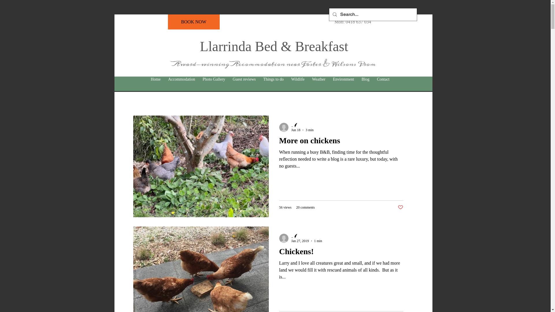  What do you see at coordinates (343, 79) in the screenshot?
I see `'Environment'` at bounding box center [343, 79].